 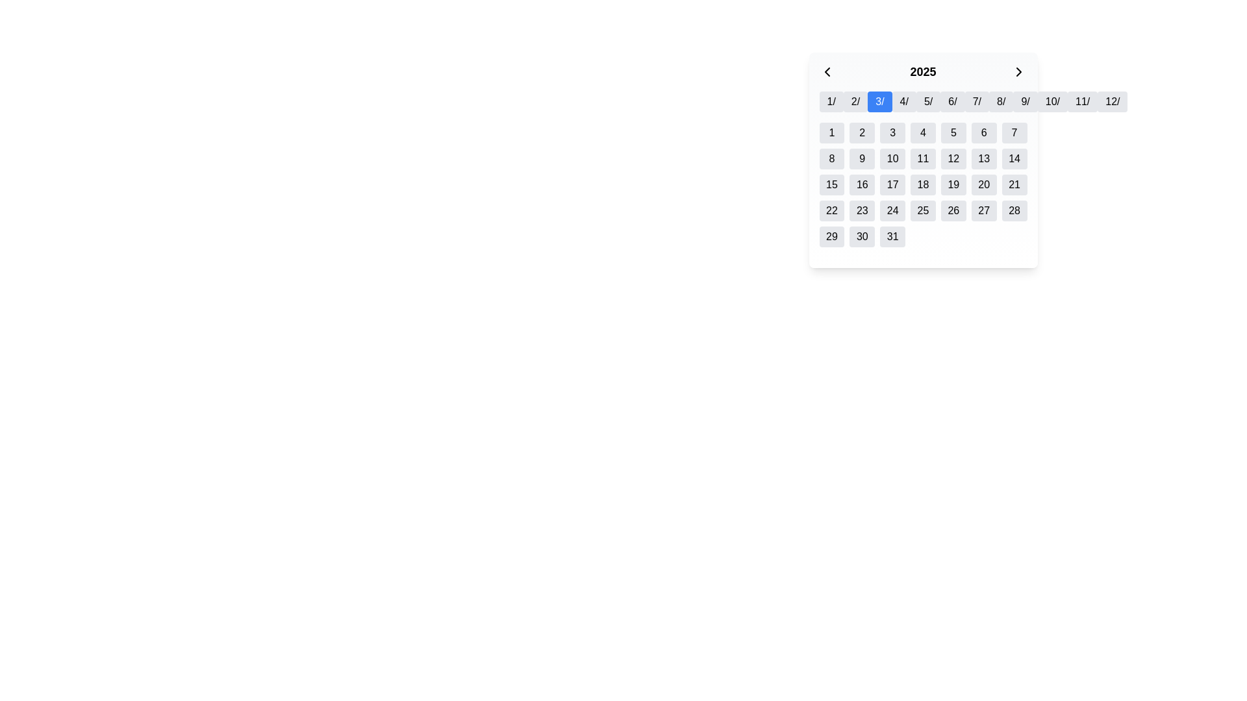 What do you see at coordinates (1052, 101) in the screenshot?
I see `the button displaying '10/' in bold black font, which is part of the month number series in the calendar interface` at bounding box center [1052, 101].